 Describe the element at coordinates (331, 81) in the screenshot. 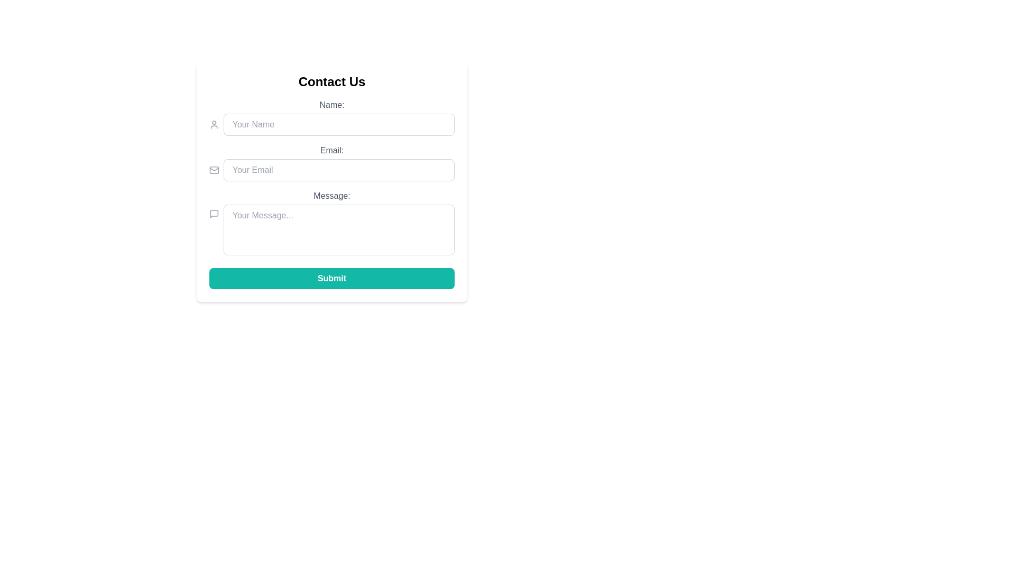

I see `heading of the contact form located at the top portion of the layout, which is horizontally centered and serves as the title for the input fields` at that location.